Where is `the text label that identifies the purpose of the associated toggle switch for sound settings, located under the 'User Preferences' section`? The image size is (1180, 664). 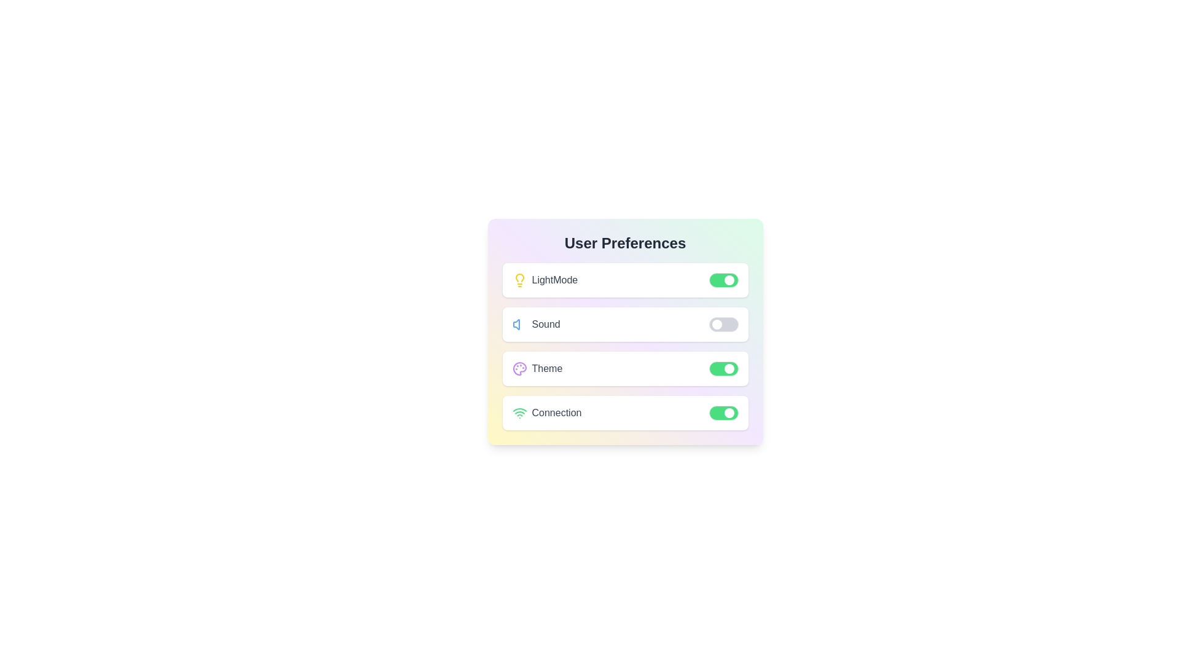 the text label that identifies the purpose of the associated toggle switch for sound settings, located under the 'User Preferences' section is located at coordinates (545, 324).